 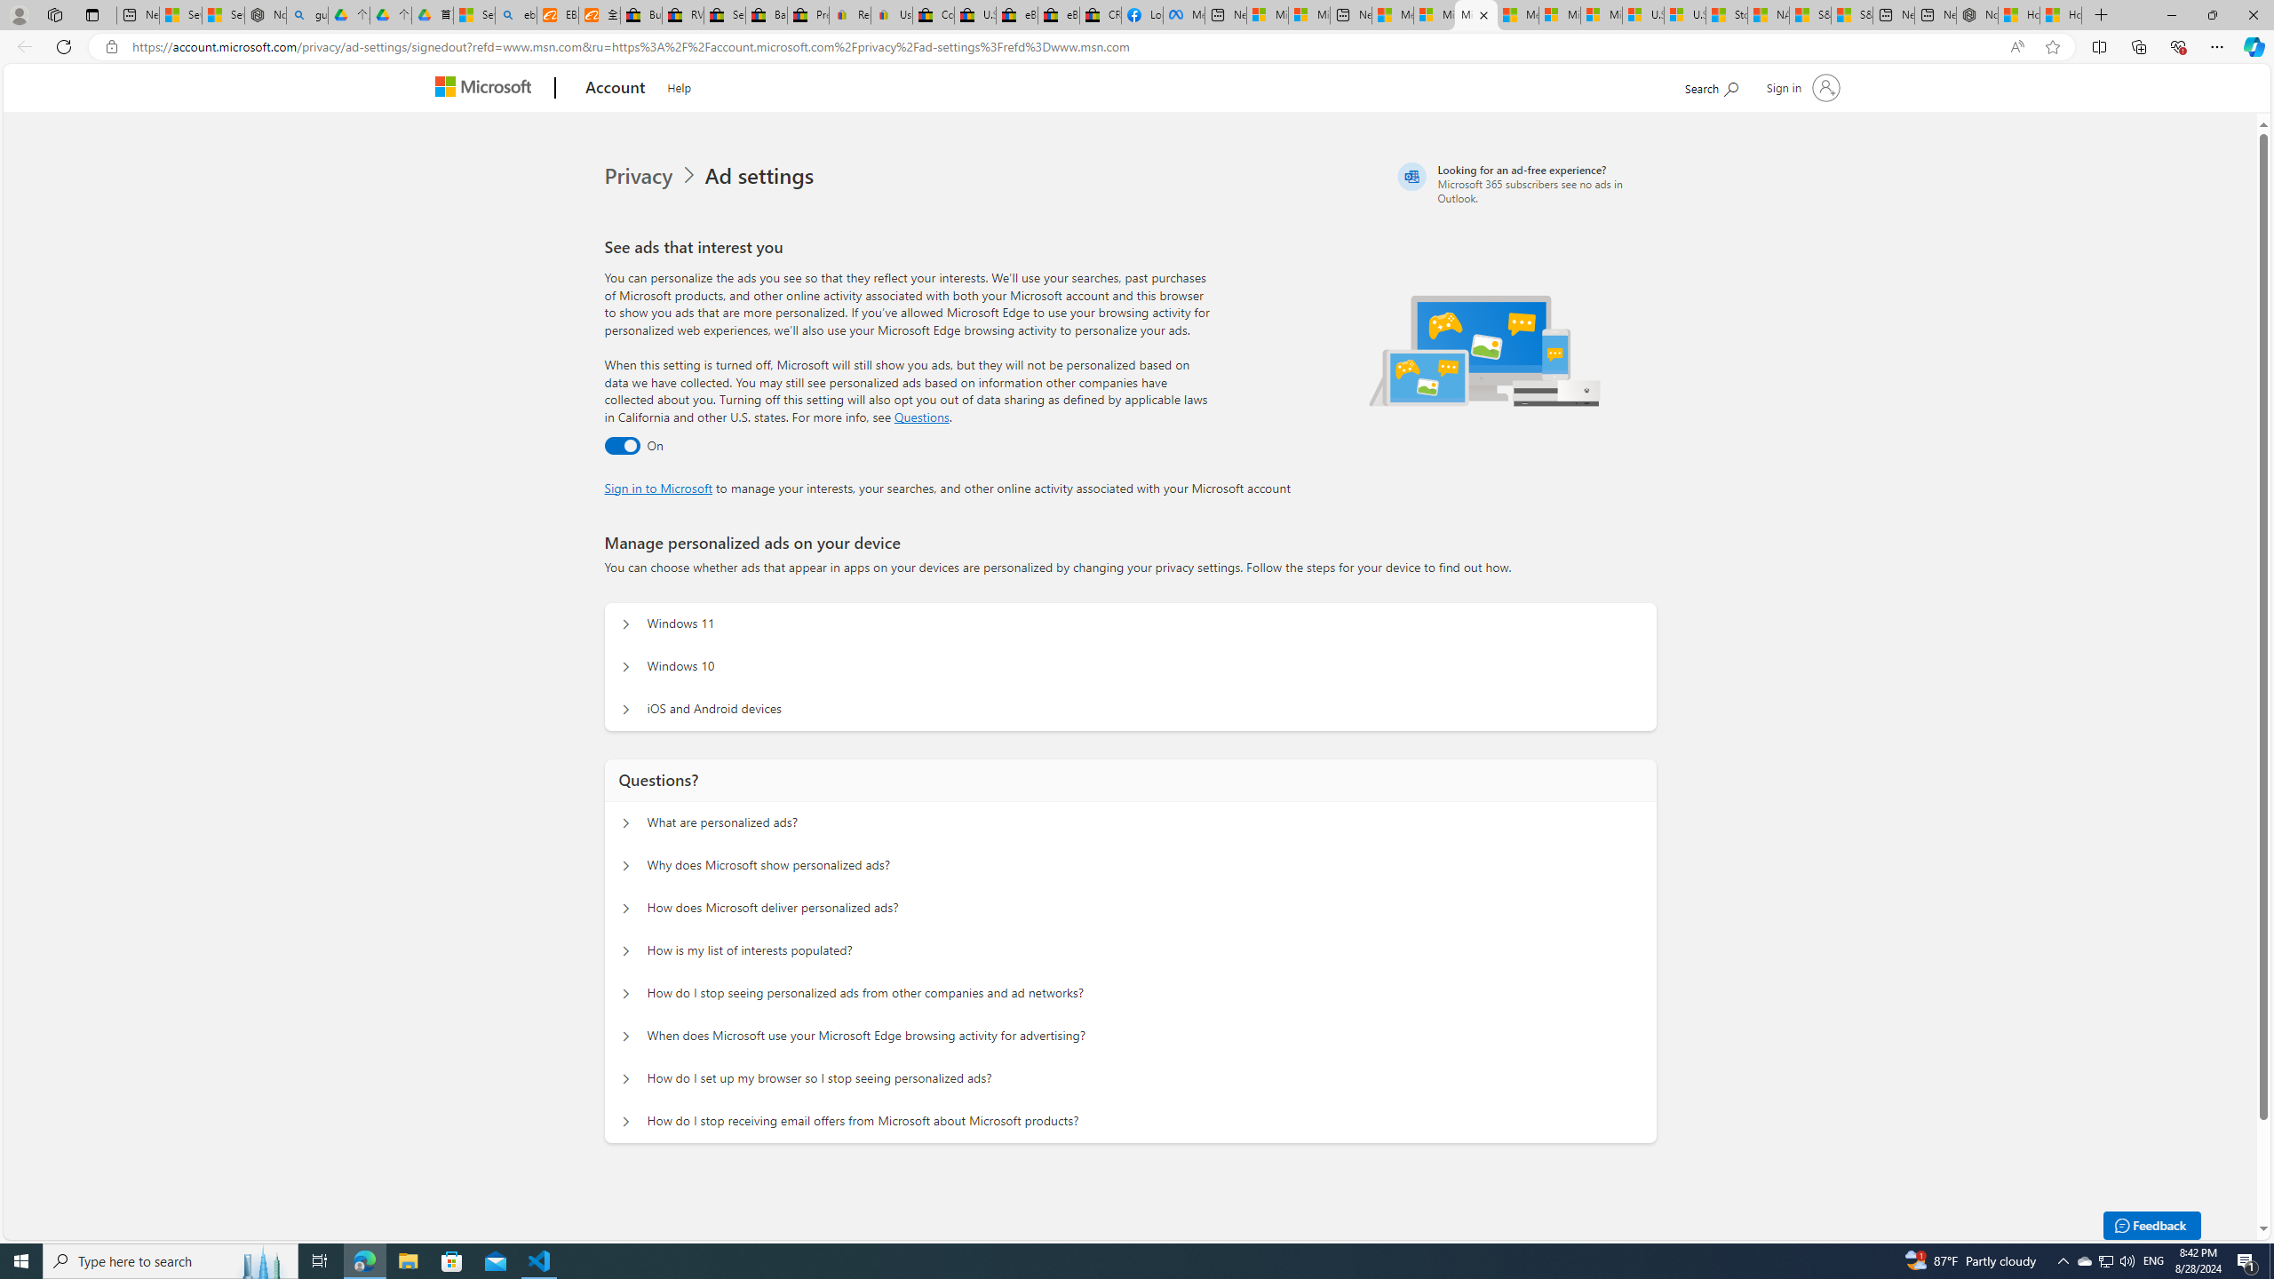 I want to click on 'Looking for an ad-free experience?', so click(x=1524, y=183).